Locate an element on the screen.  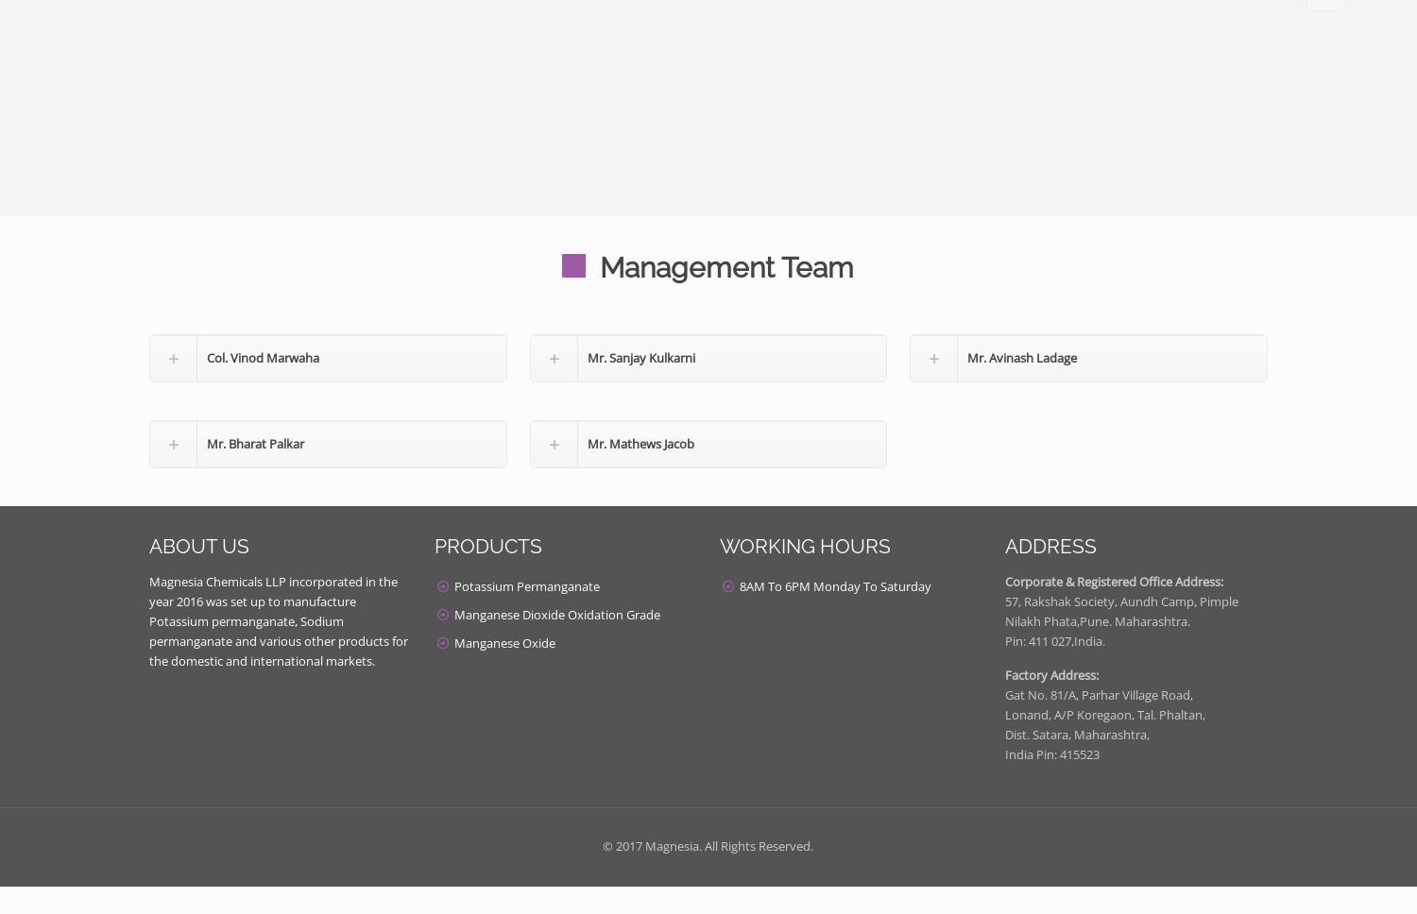
'57, Rakshak Society, Aundh Camp, Pimple Nilakh Phata,Pune. Maharashtra.' is located at coordinates (1121, 611).